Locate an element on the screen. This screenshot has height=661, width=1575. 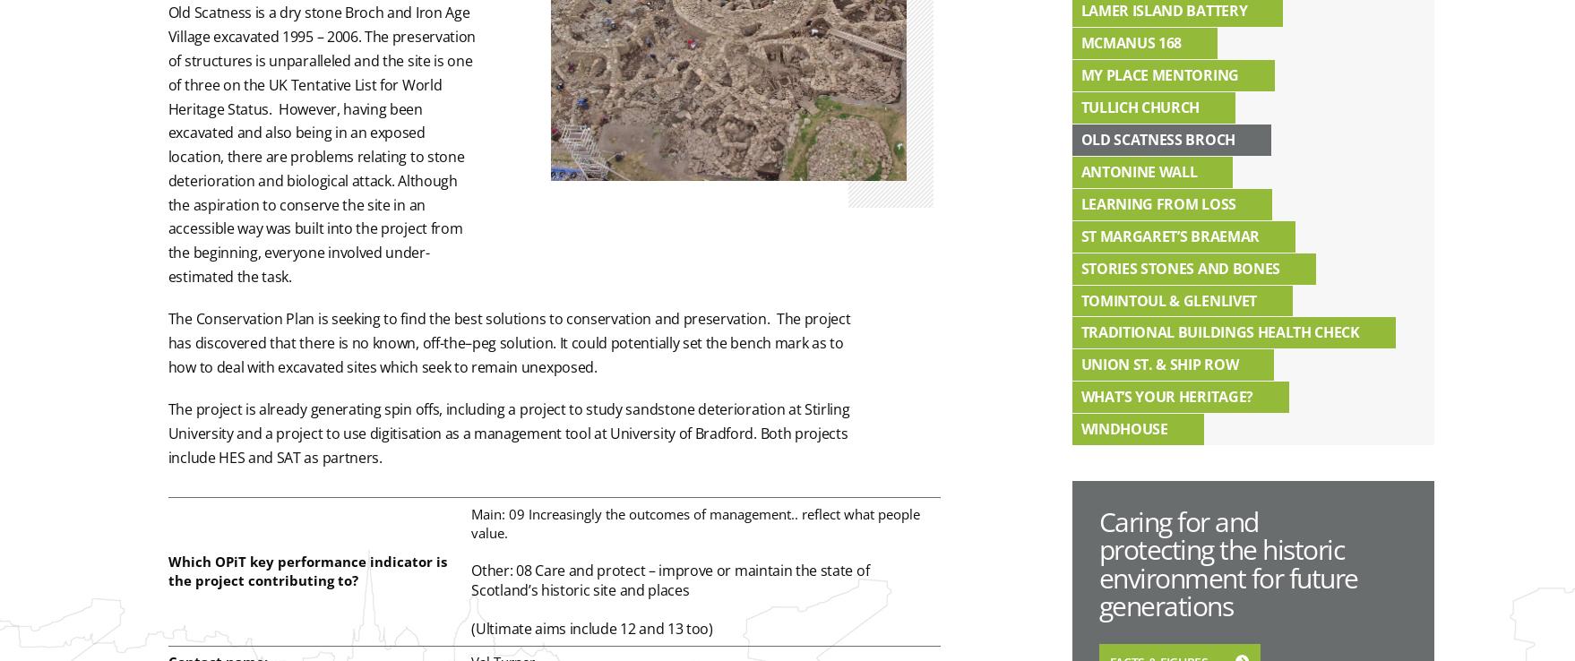
'McMANUS 168' is located at coordinates (1131, 42).